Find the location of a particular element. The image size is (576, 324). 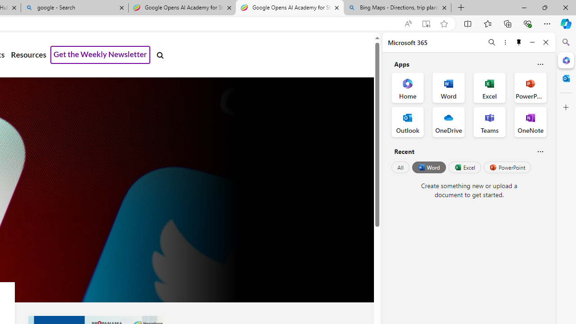

'Resources' is located at coordinates (28, 55).